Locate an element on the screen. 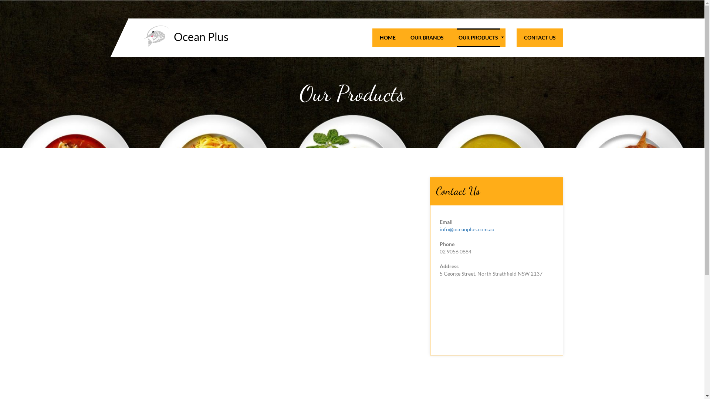 This screenshot has height=399, width=710. 'OUR PRODUCTS' is located at coordinates (478, 37).